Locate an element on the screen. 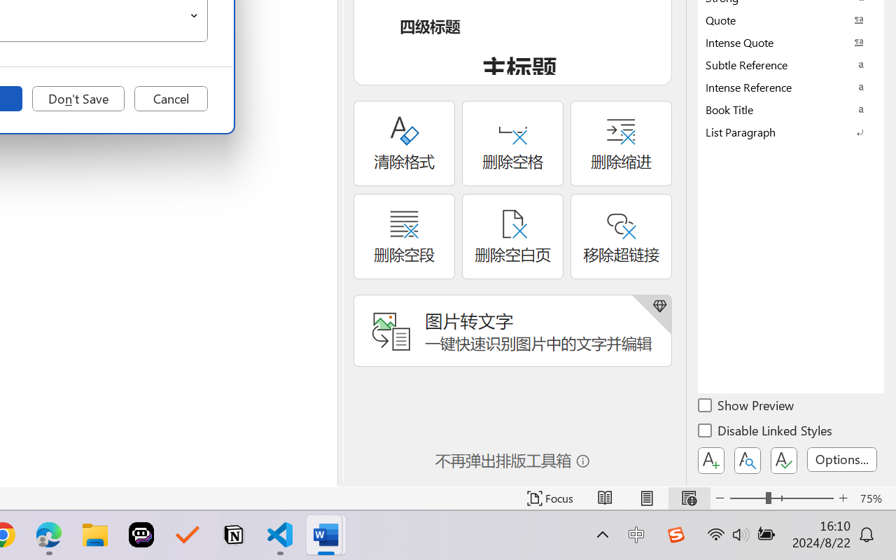 The image size is (896, 560). 'Print Layout' is located at coordinates (646, 498).